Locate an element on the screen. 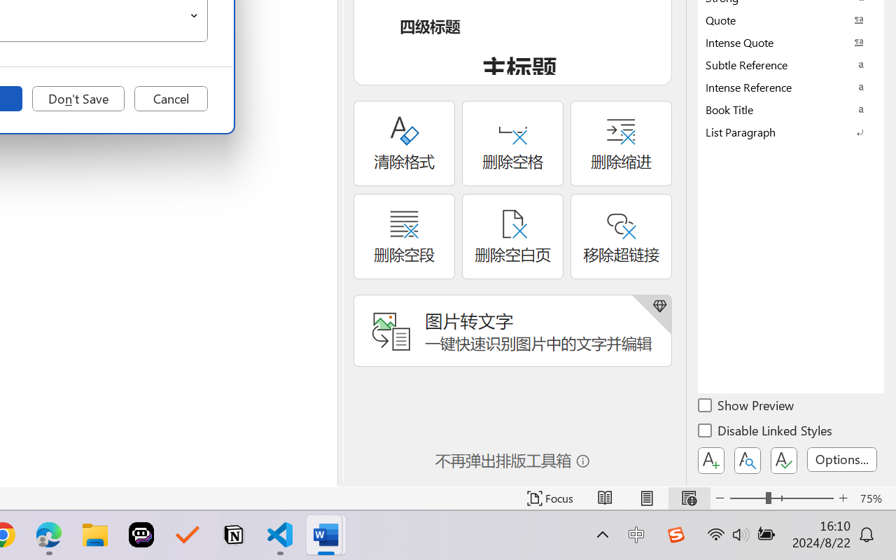 The image size is (896, 560). 'Print Layout' is located at coordinates (646, 498).